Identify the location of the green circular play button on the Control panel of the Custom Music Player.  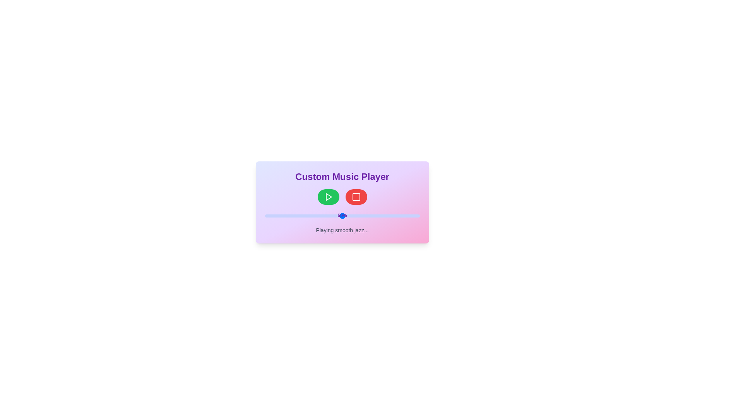
(342, 197).